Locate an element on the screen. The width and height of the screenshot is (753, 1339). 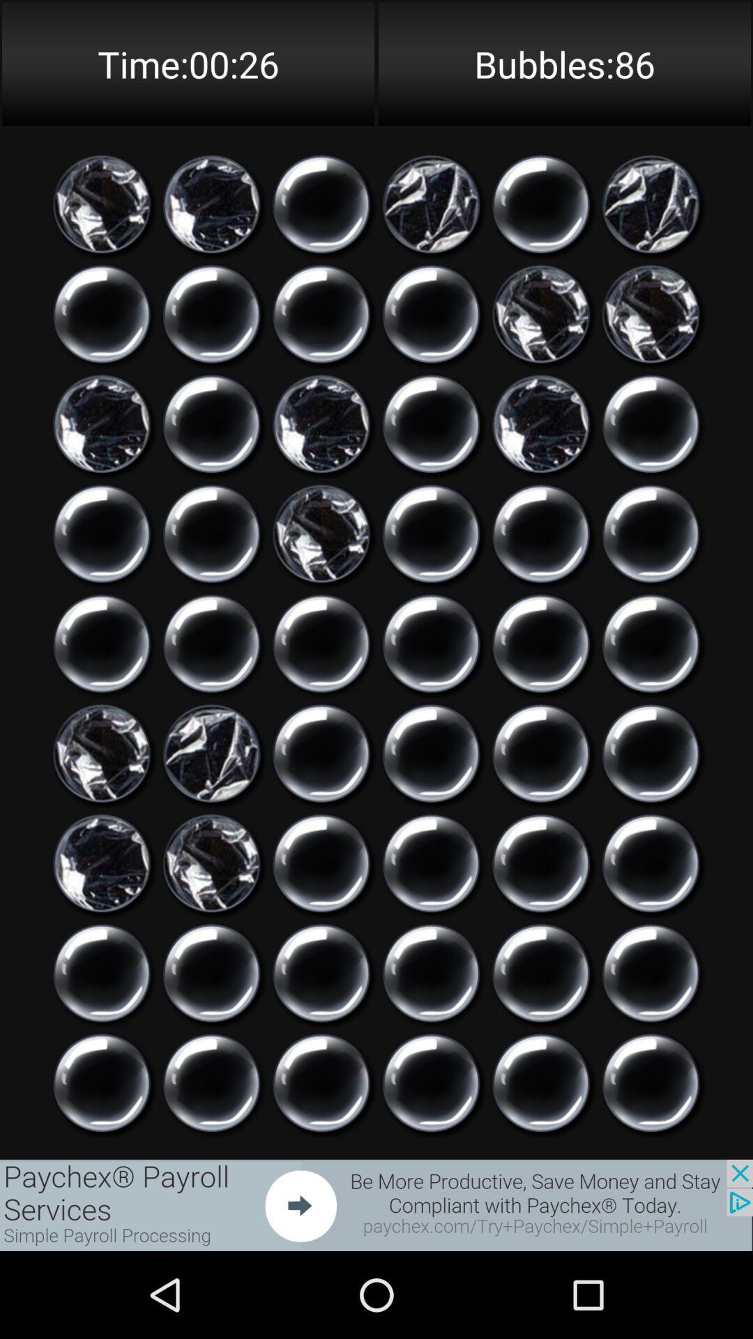
pop bubble is located at coordinates (321, 204).